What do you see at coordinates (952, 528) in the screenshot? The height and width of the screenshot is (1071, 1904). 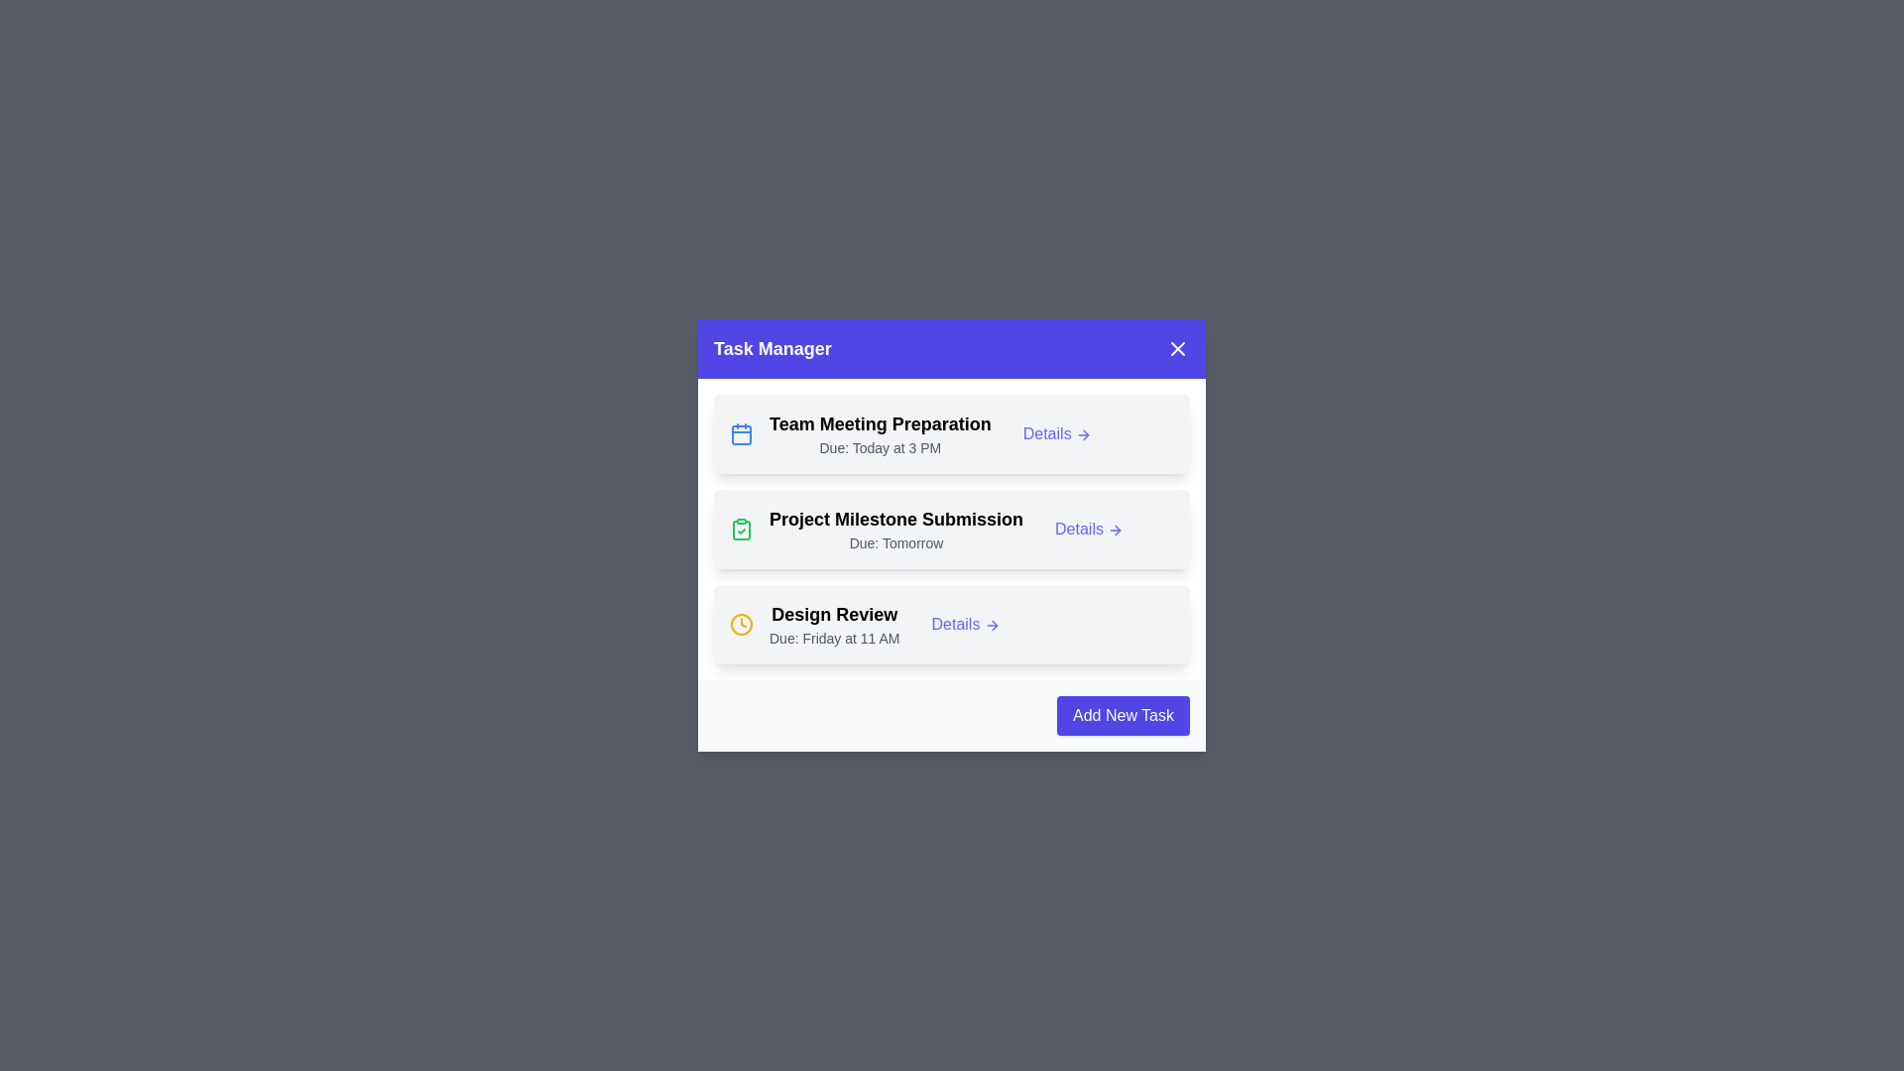 I see `the second task item in the 'Task Manager' modal dialog` at bounding box center [952, 528].